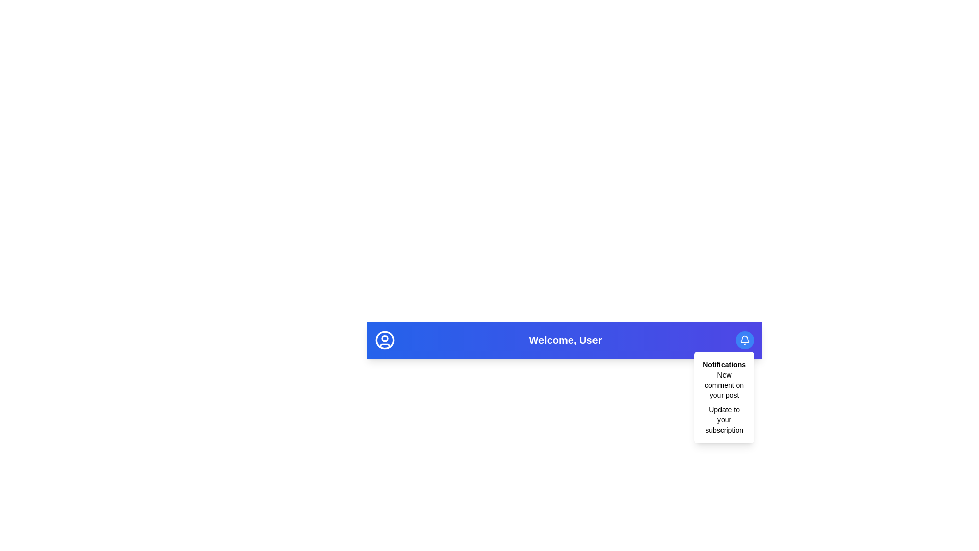 This screenshot has height=551, width=979. I want to click on the circular blue button with a white bell icon located on the far right of the horizontal bar, so click(744, 340).